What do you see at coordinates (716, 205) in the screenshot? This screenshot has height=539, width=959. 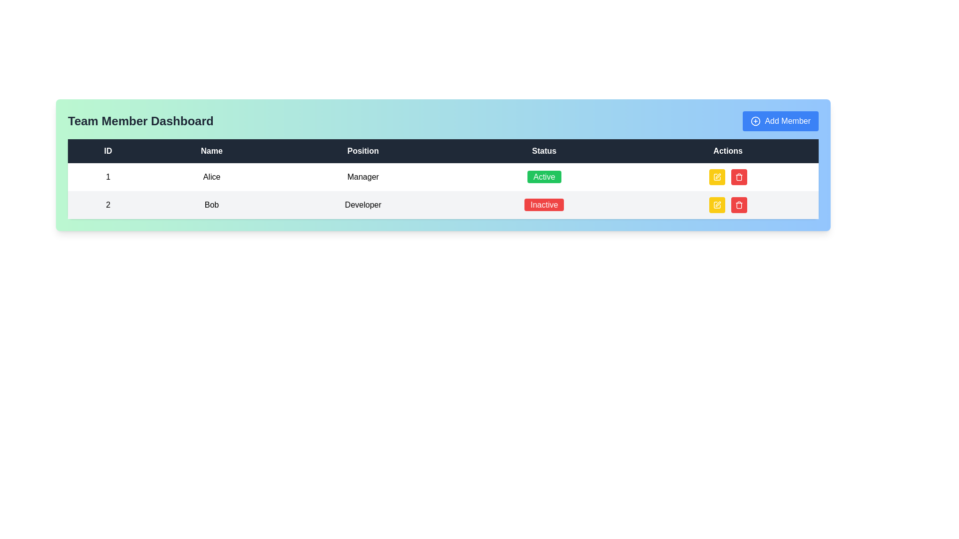 I see `the small yellow button with rounded corners containing a white pencil icon in the 'Actions' column of the second row for 'Bob'` at bounding box center [716, 205].